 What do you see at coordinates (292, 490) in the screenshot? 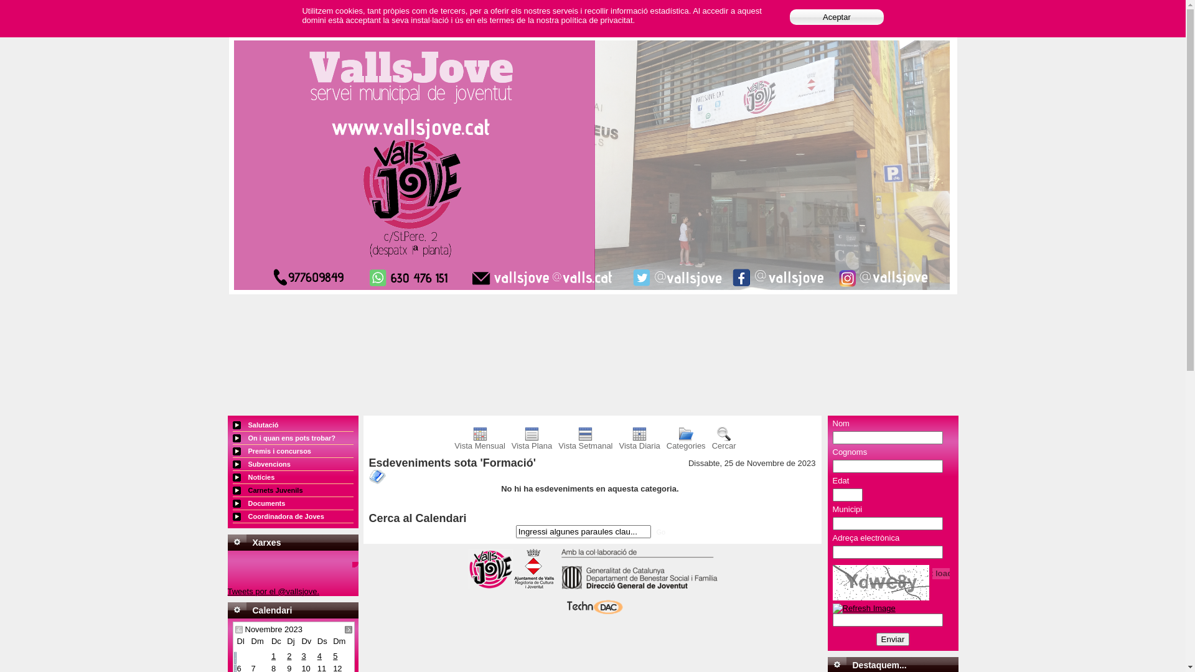
I see `'Carnets Juvenils'` at bounding box center [292, 490].